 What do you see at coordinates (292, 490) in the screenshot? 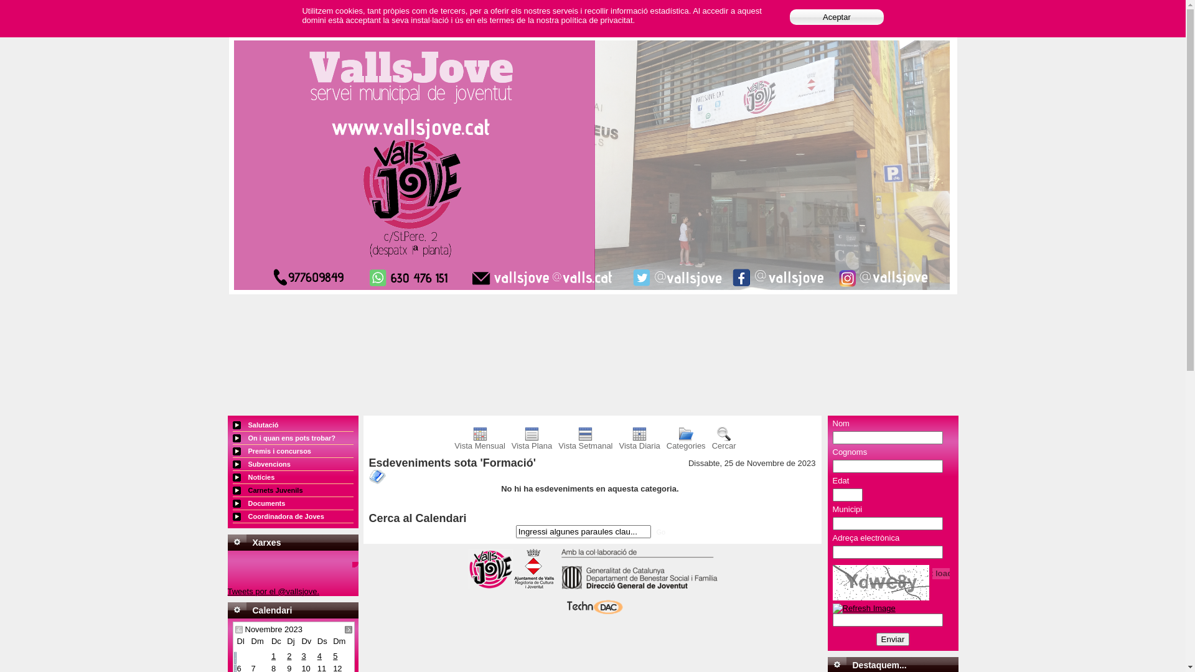
I see `'Carnets Juvenils'` at bounding box center [292, 490].